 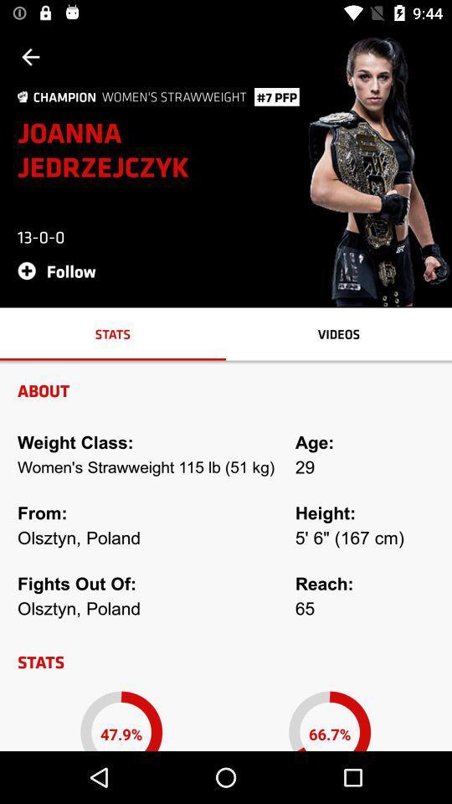 What do you see at coordinates (61, 271) in the screenshot?
I see `icon below 13-0-0` at bounding box center [61, 271].